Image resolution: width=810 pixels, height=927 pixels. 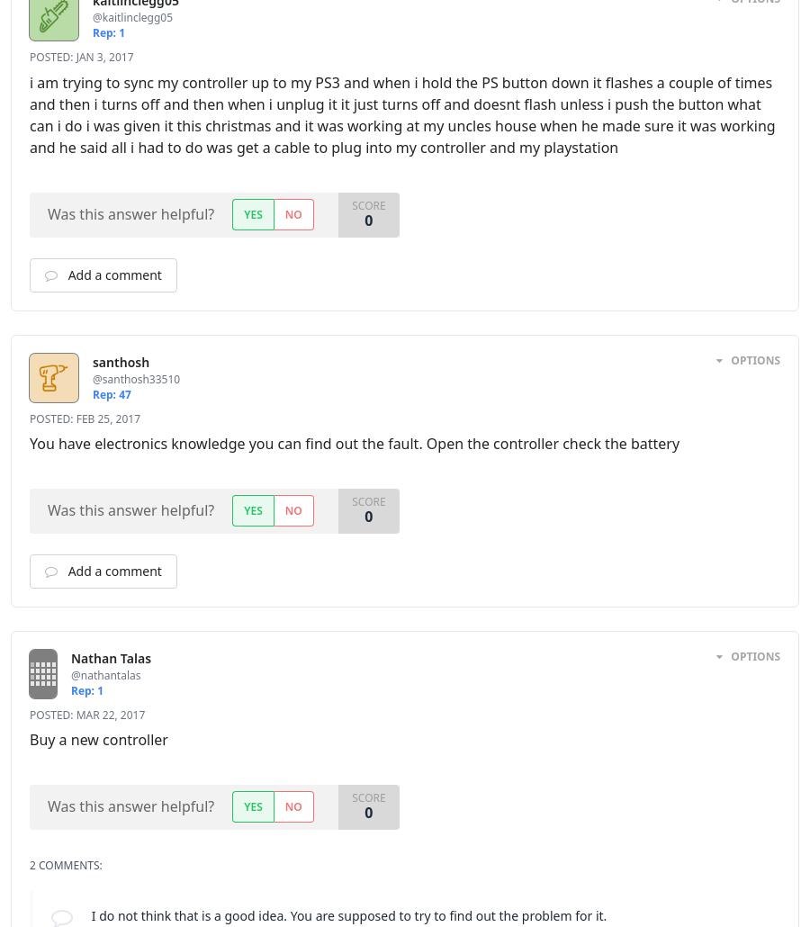 I want to click on '@nathantalas', so click(x=127, y=674).